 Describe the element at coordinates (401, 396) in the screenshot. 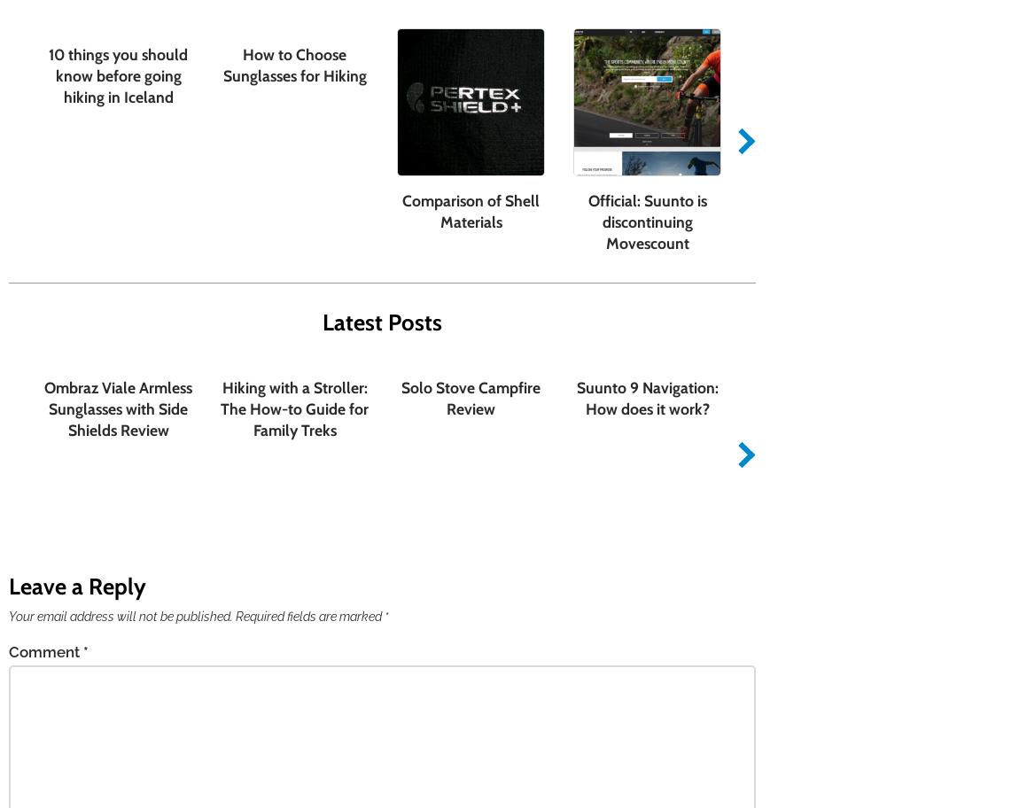

I see `'Solo Stove Campfire Review'` at that location.